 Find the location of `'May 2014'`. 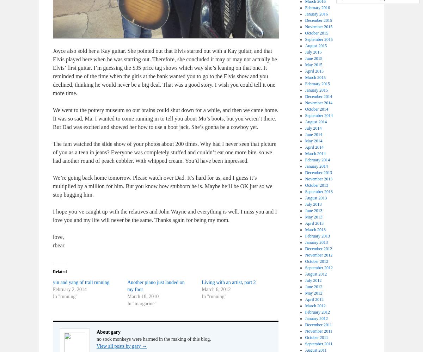

'May 2014' is located at coordinates (313, 140).